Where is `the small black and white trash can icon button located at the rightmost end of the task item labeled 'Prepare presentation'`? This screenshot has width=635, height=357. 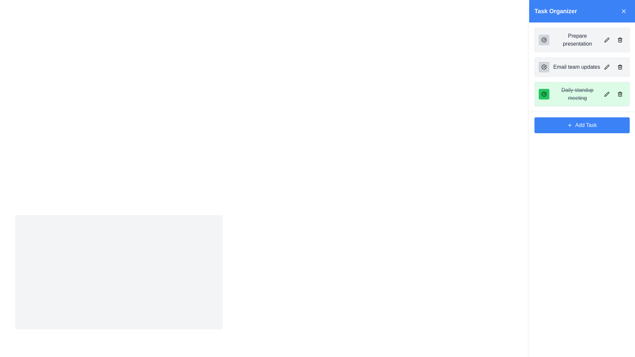 the small black and white trash can icon button located at the rightmost end of the task item labeled 'Prepare presentation' is located at coordinates (620, 40).